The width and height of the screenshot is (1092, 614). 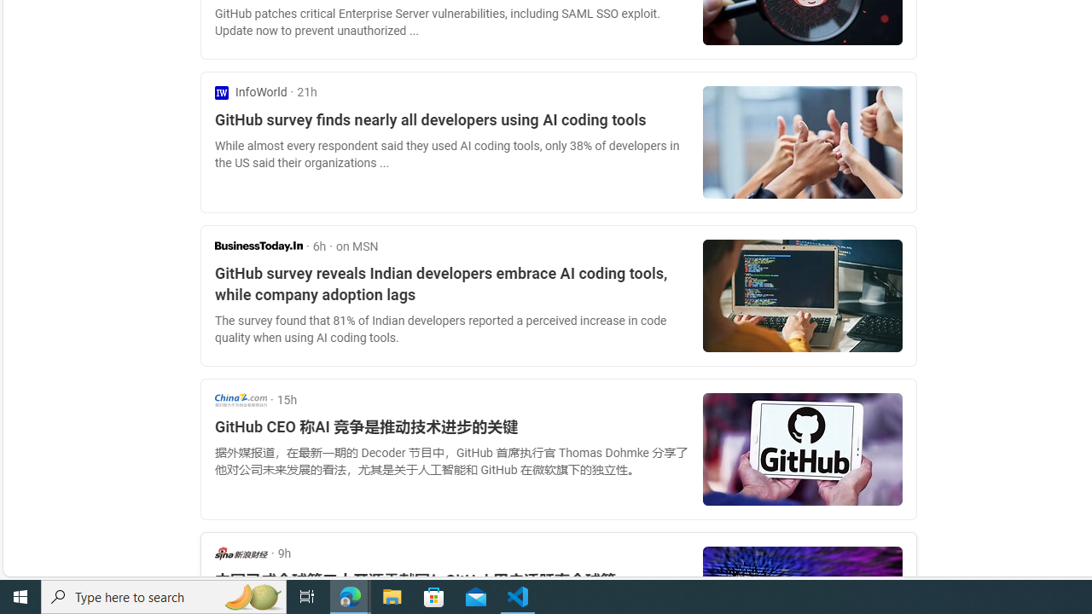 I want to click on 'Search news from InfoWorld', so click(x=250, y=92).